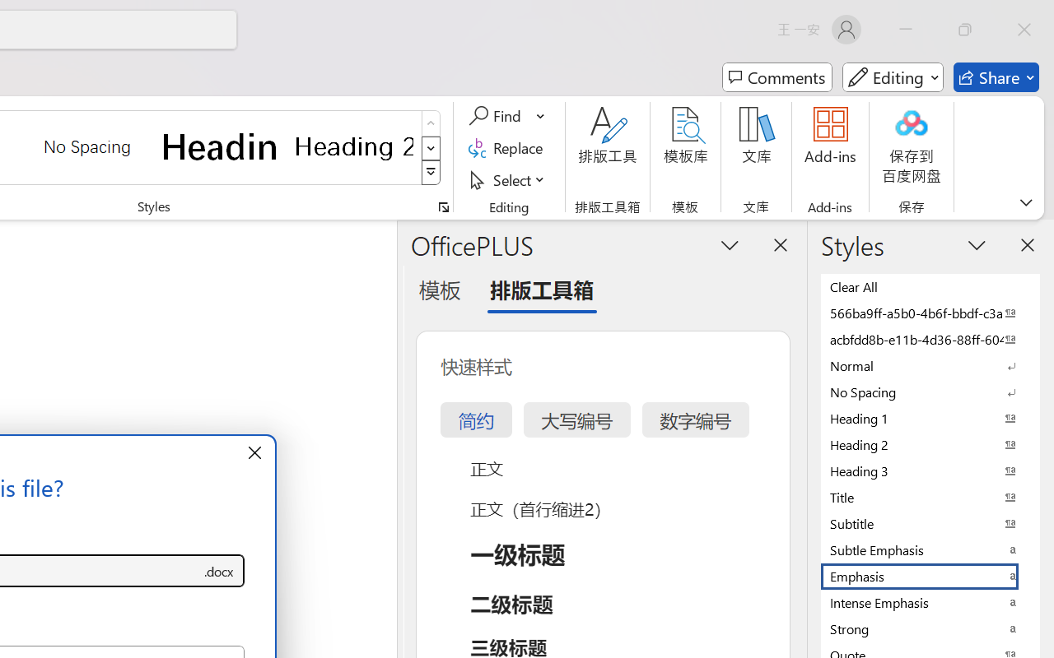 The image size is (1054, 658). What do you see at coordinates (443, 206) in the screenshot?
I see `'Styles...'` at bounding box center [443, 206].